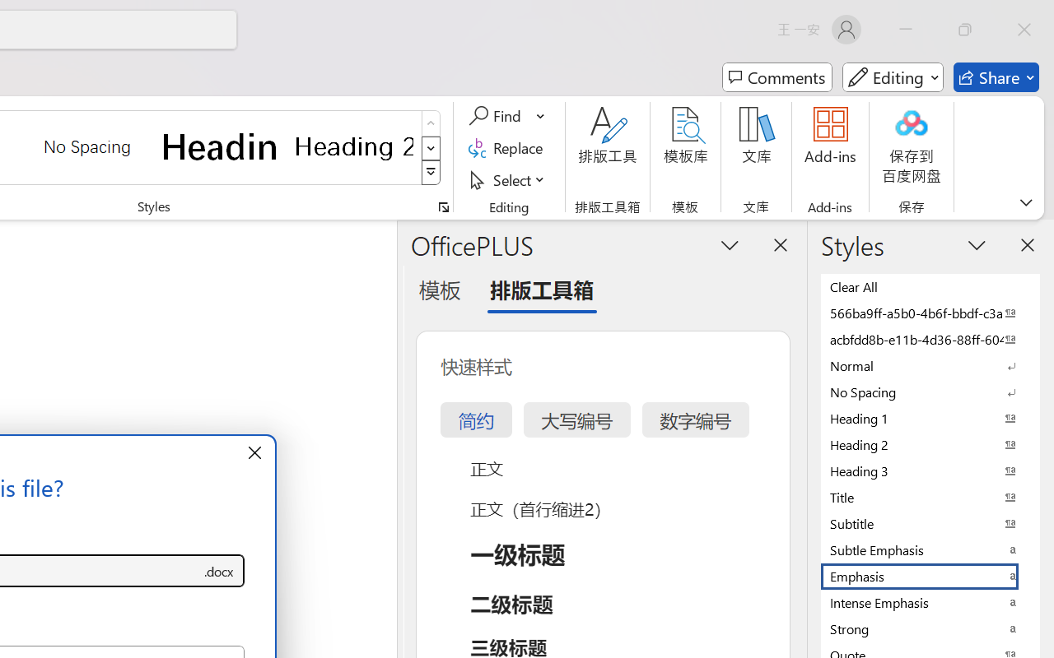 The image size is (1054, 658). What do you see at coordinates (443, 206) in the screenshot?
I see `'Styles...'` at bounding box center [443, 206].